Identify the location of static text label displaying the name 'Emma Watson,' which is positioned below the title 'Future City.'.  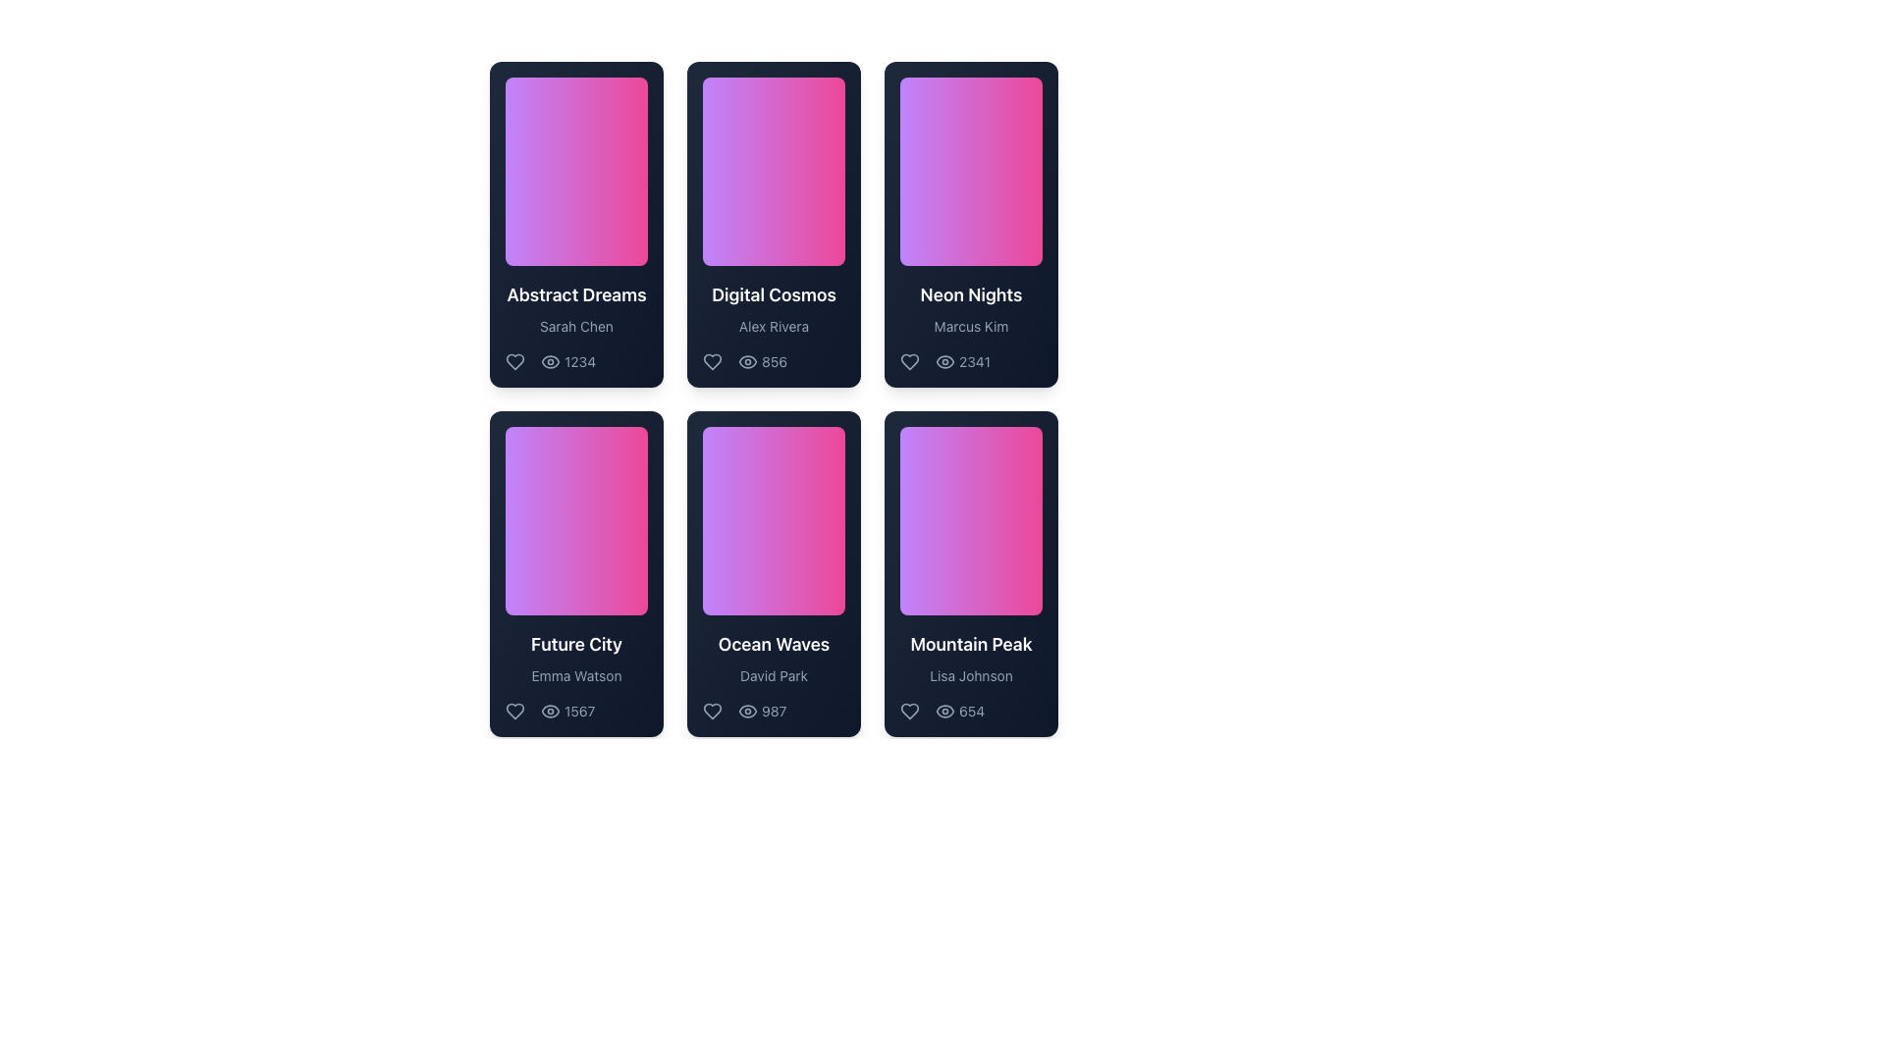
(575, 675).